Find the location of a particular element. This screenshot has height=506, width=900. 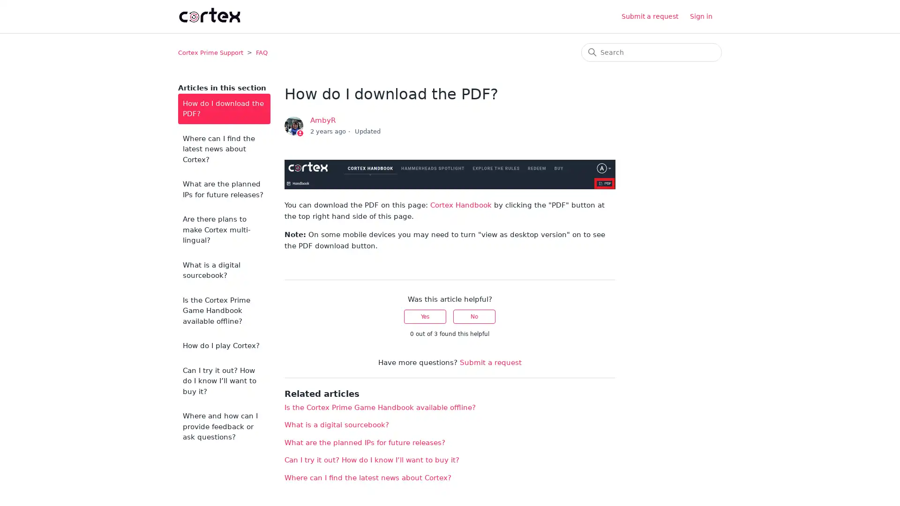

This article was helpful is located at coordinates (425, 316).